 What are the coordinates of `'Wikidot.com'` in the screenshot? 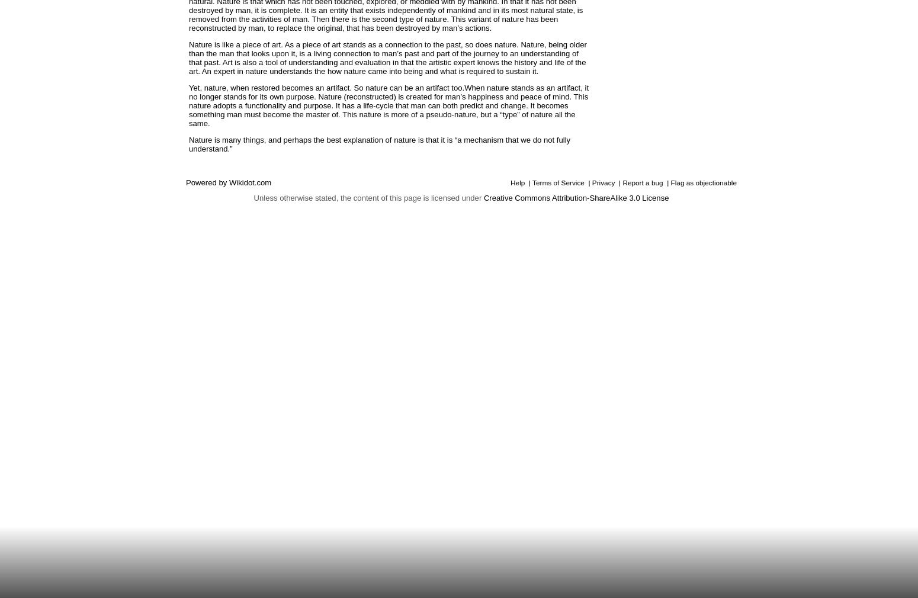 It's located at (250, 182).